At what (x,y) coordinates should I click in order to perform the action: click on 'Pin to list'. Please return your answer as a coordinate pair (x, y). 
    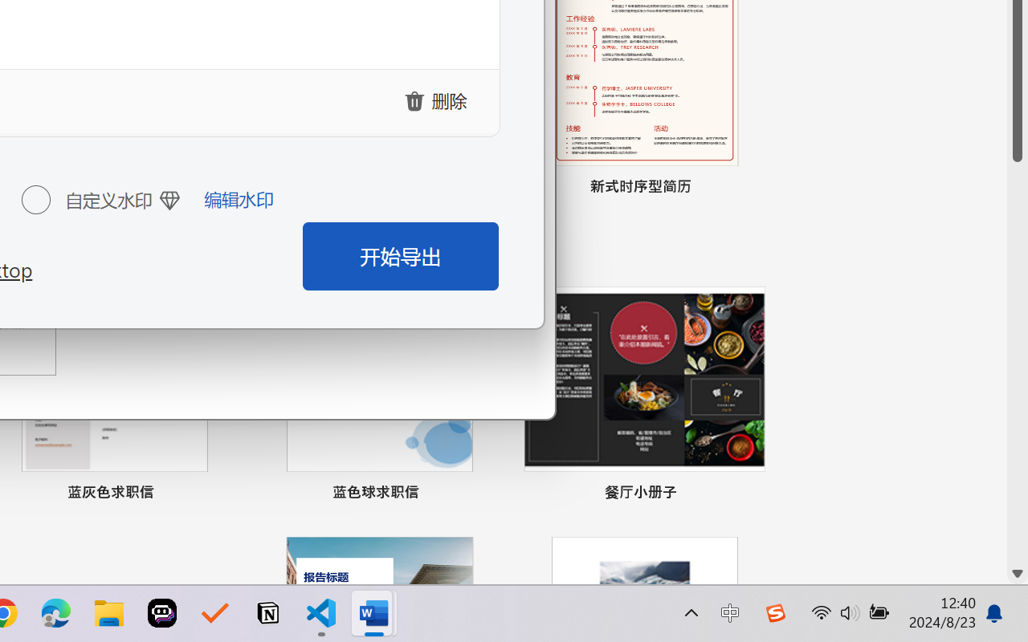
    Looking at the image, I should click on (749, 494).